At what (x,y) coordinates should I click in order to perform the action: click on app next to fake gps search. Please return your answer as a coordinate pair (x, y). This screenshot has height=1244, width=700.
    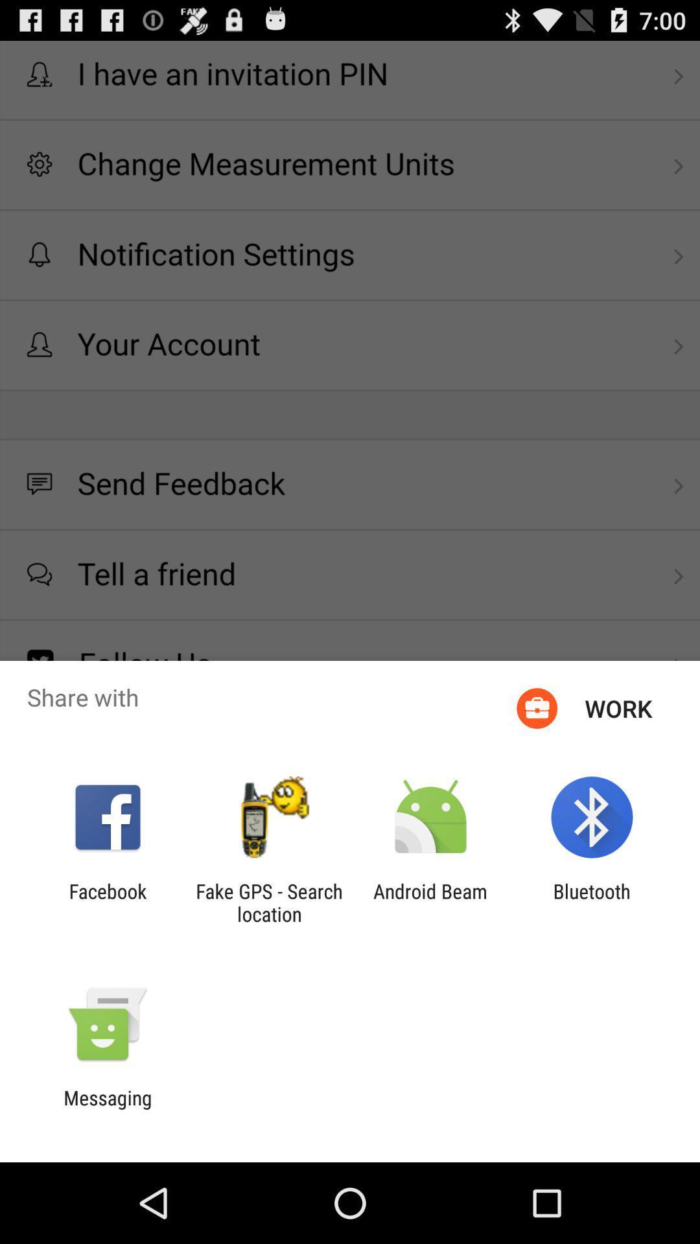
    Looking at the image, I should click on (430, 902).